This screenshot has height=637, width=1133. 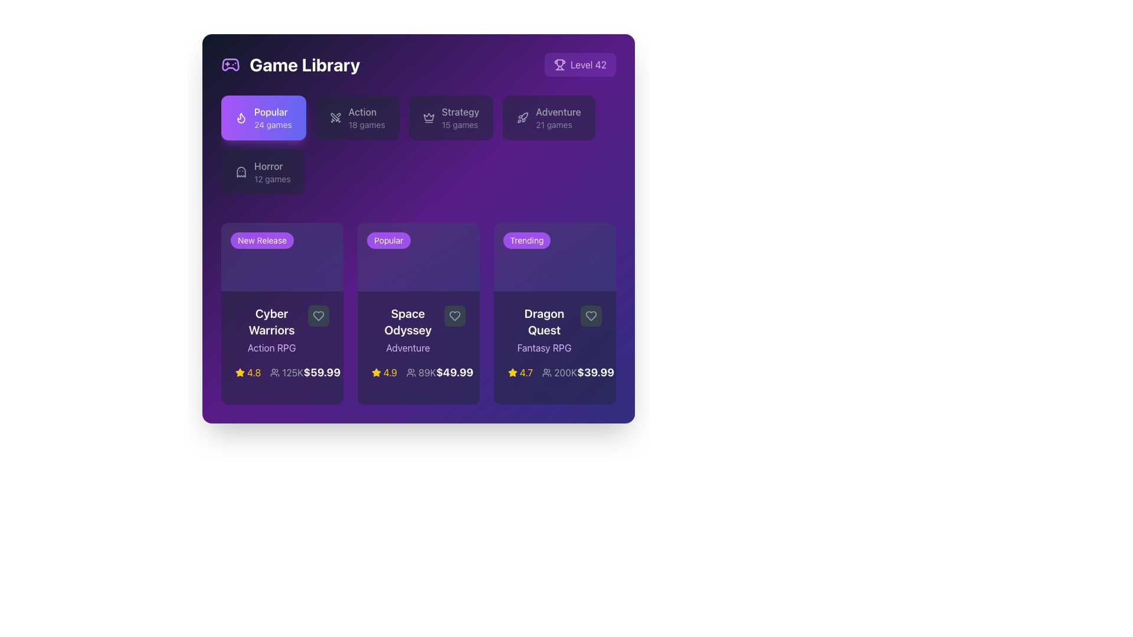 What do you see at coordinates (271, 330) in the screenshot?
I see `text label displaying 'Cyber Warriors' and 'Action RPG' in the top-left corner of the second row of the card grid under the 'Popular' pane` at bounding box center [271, 330].